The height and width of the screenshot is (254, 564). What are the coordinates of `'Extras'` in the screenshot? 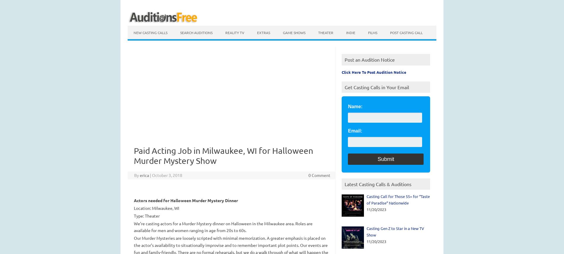 It's located at (257, 33).